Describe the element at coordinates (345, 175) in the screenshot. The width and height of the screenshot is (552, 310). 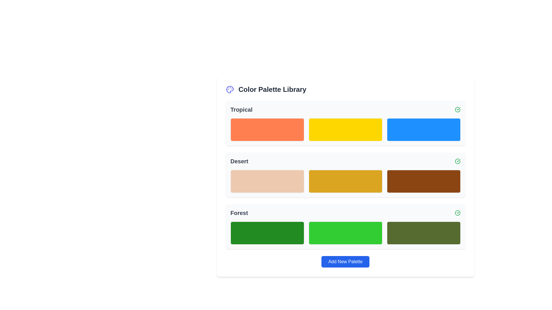
I see `the grid layout containing color swatches labeled 'Tropical,' 'Desert,' and 'Forest' to select a palette` at that location.